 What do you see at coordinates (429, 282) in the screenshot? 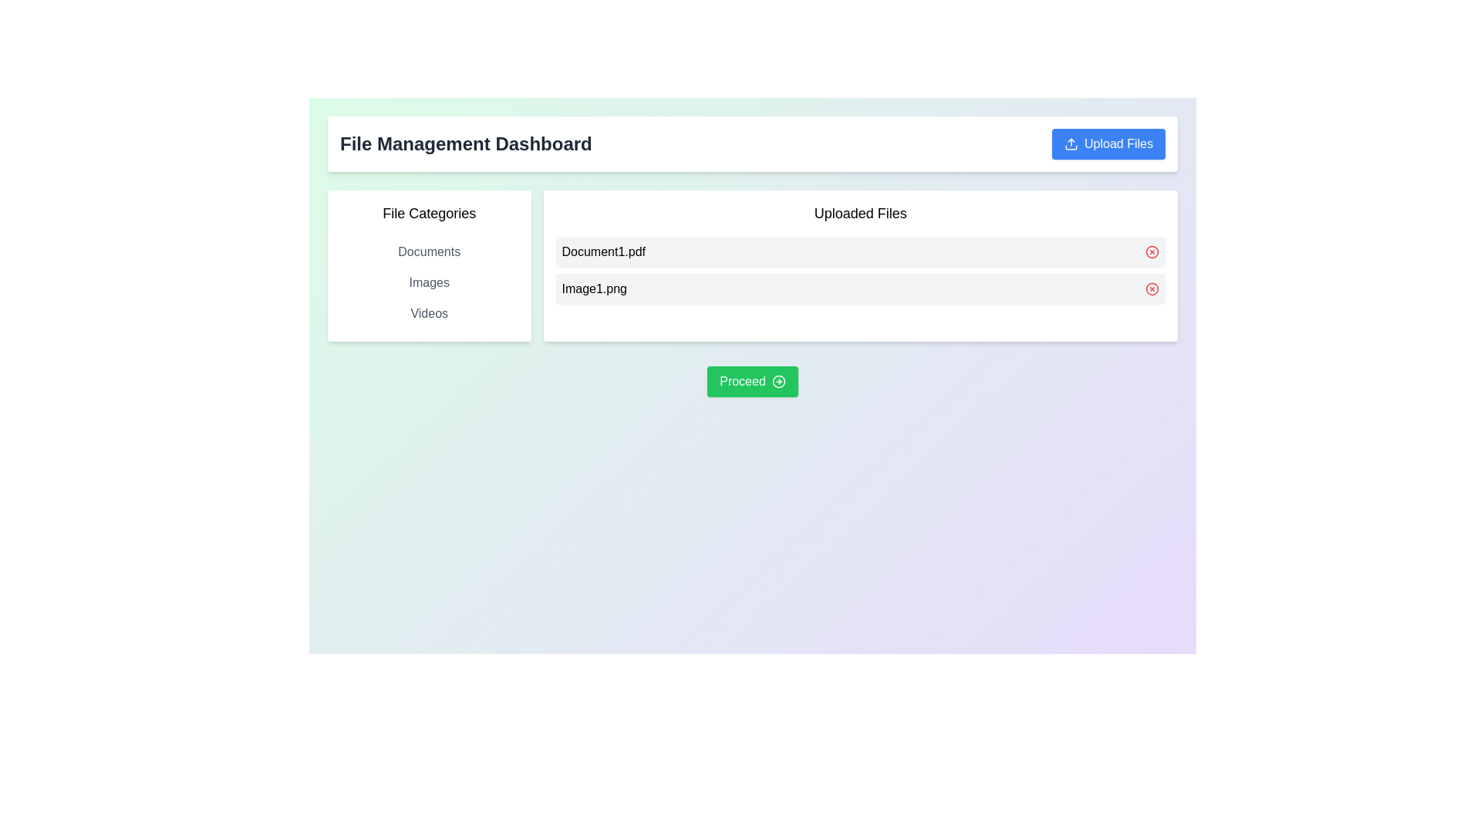
I see `the 'Images' text link, which is styled in gray and is the second item in the vertical list under the 'File Categories' card` at bounding box center [429, 282].